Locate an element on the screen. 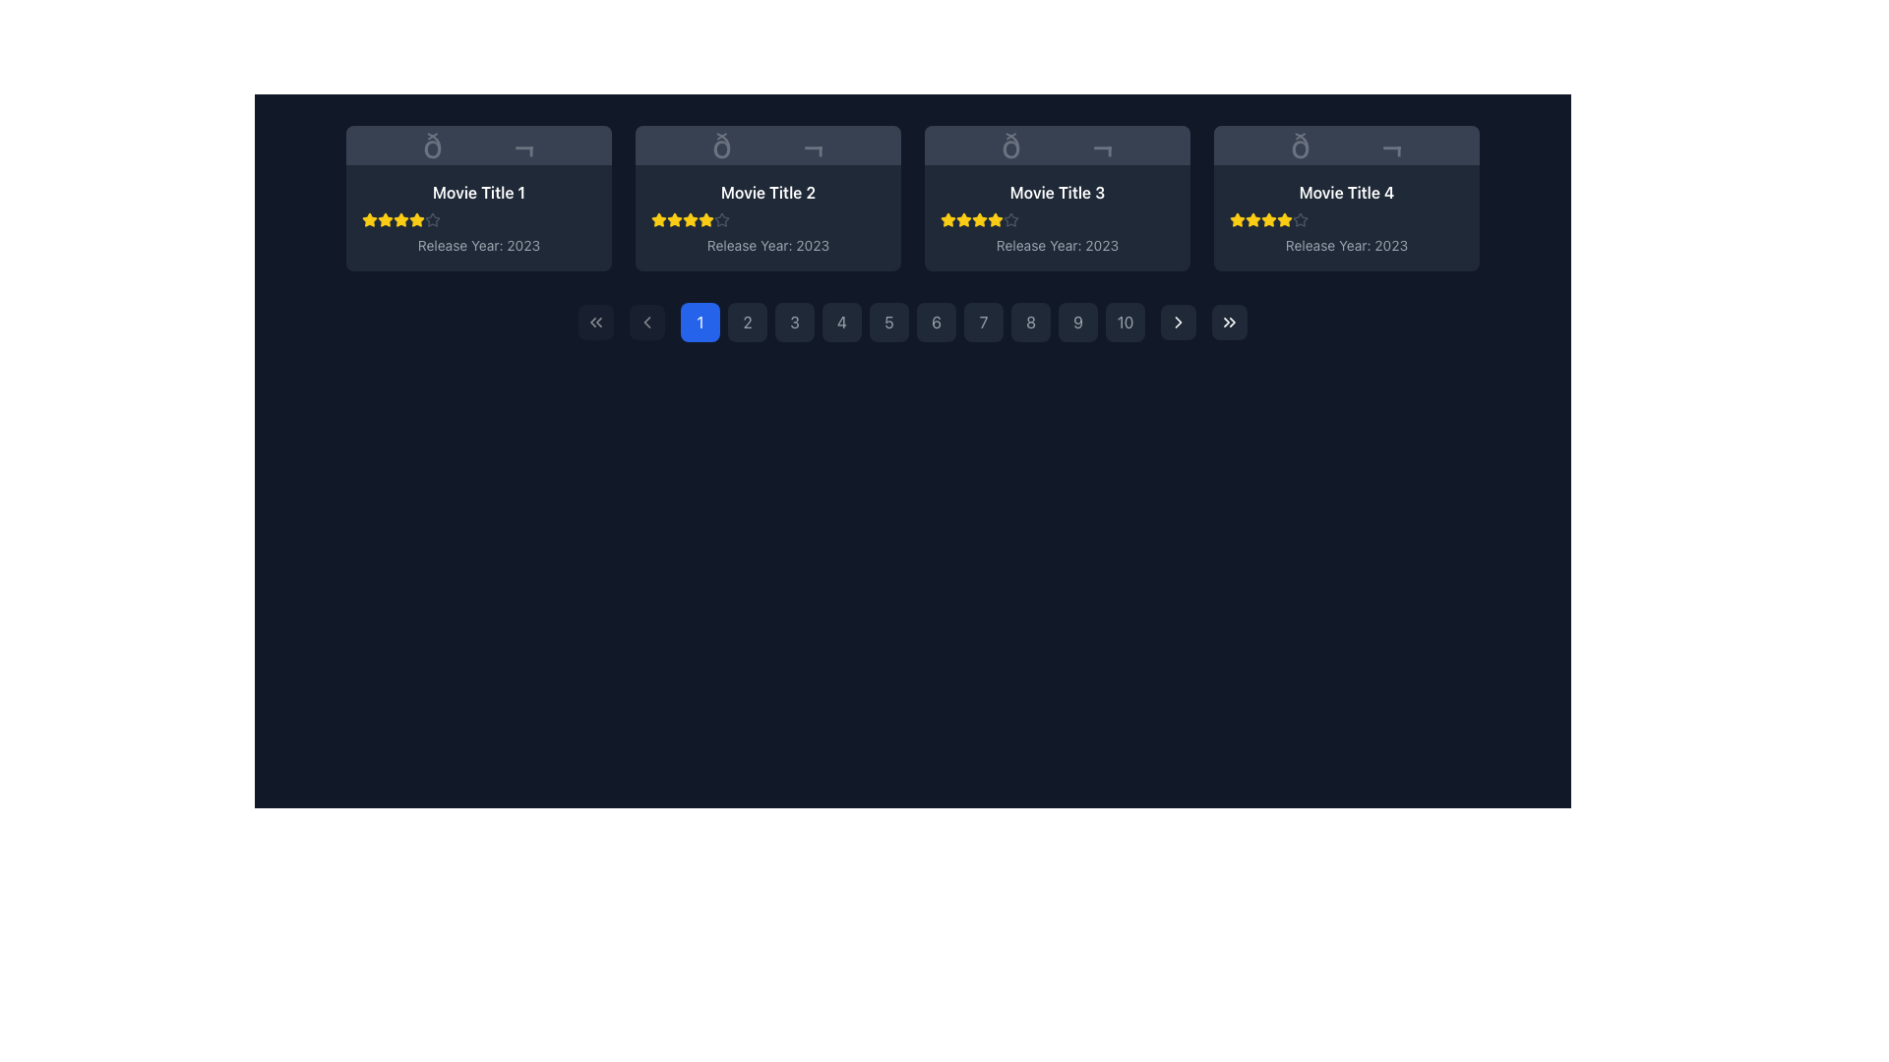  the tenth page navigation button located at the bottom center of the interface to observe its hover effect is located at coordinates (1125, 321).